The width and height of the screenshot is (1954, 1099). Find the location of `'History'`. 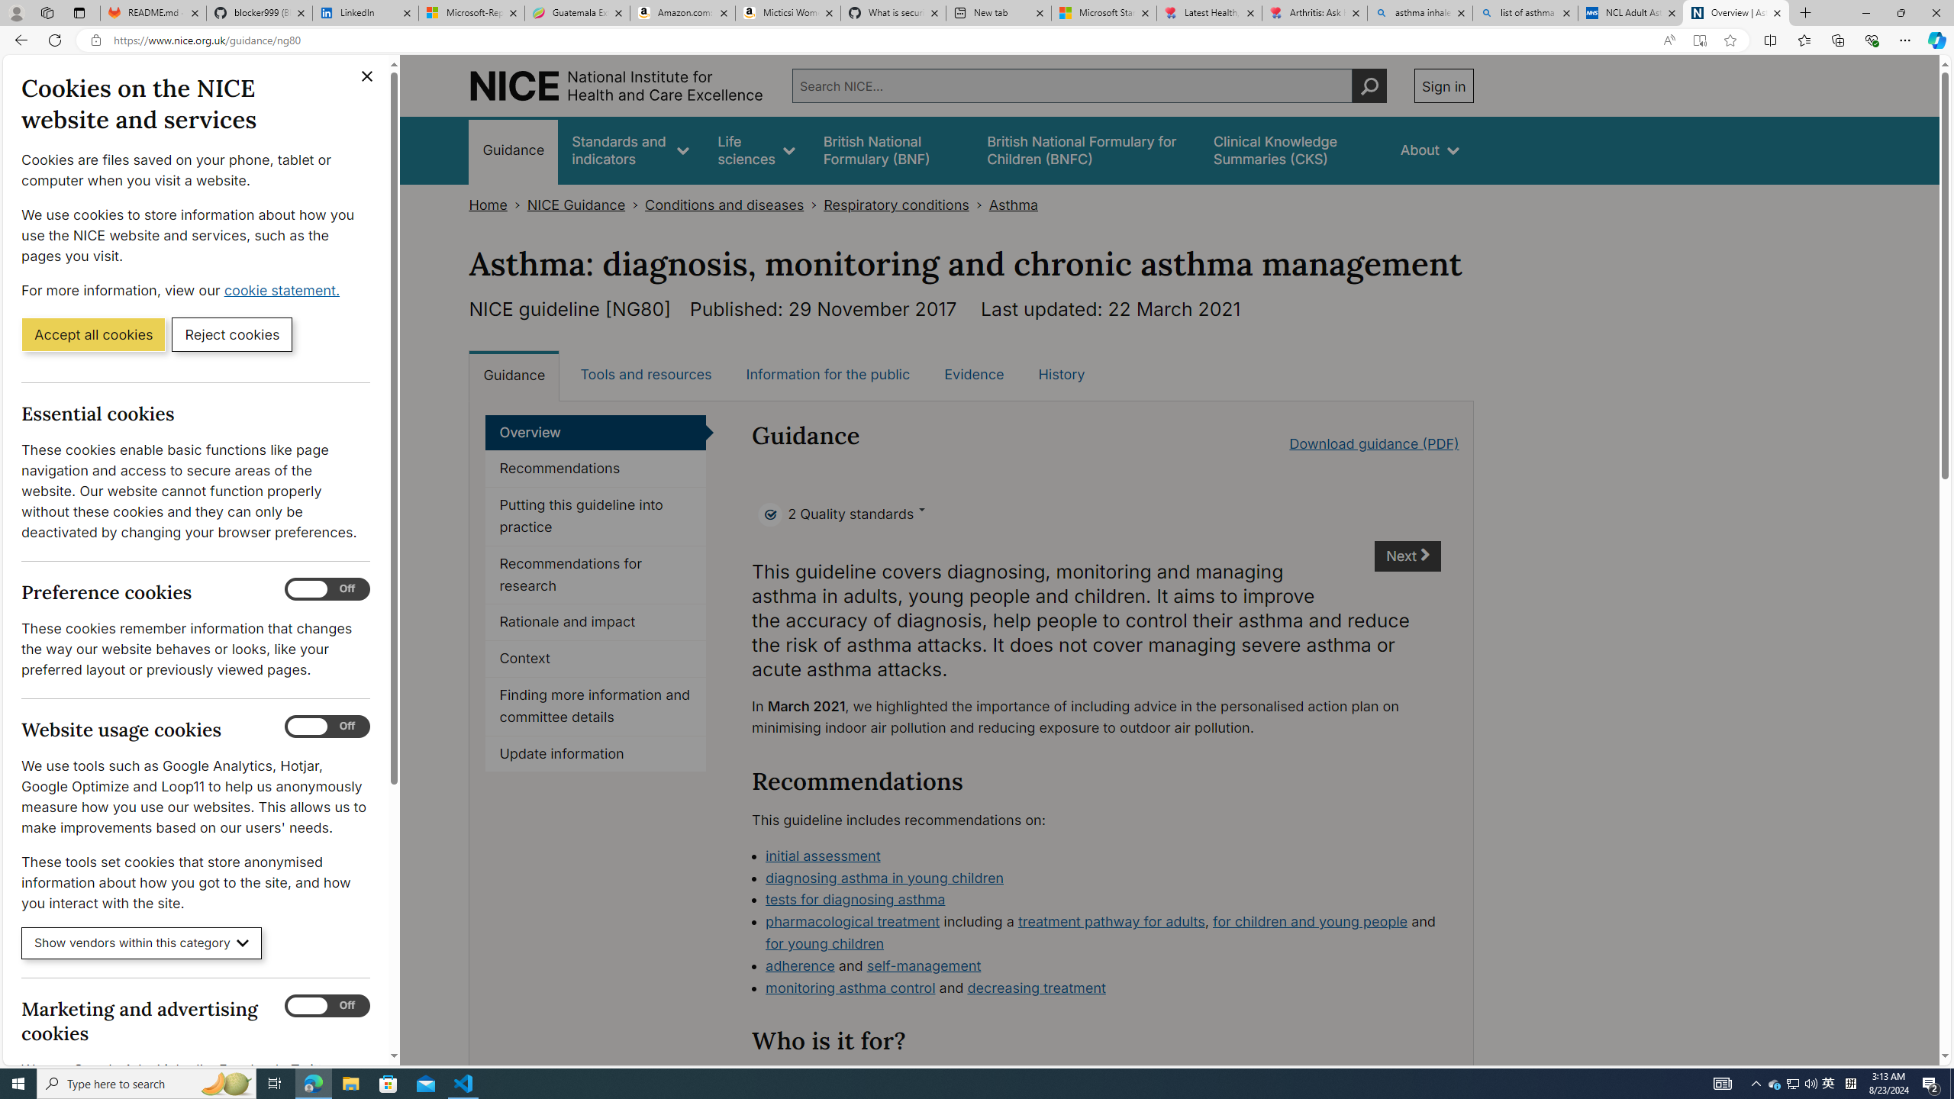

'History' is located at coordinates (1061, 374).